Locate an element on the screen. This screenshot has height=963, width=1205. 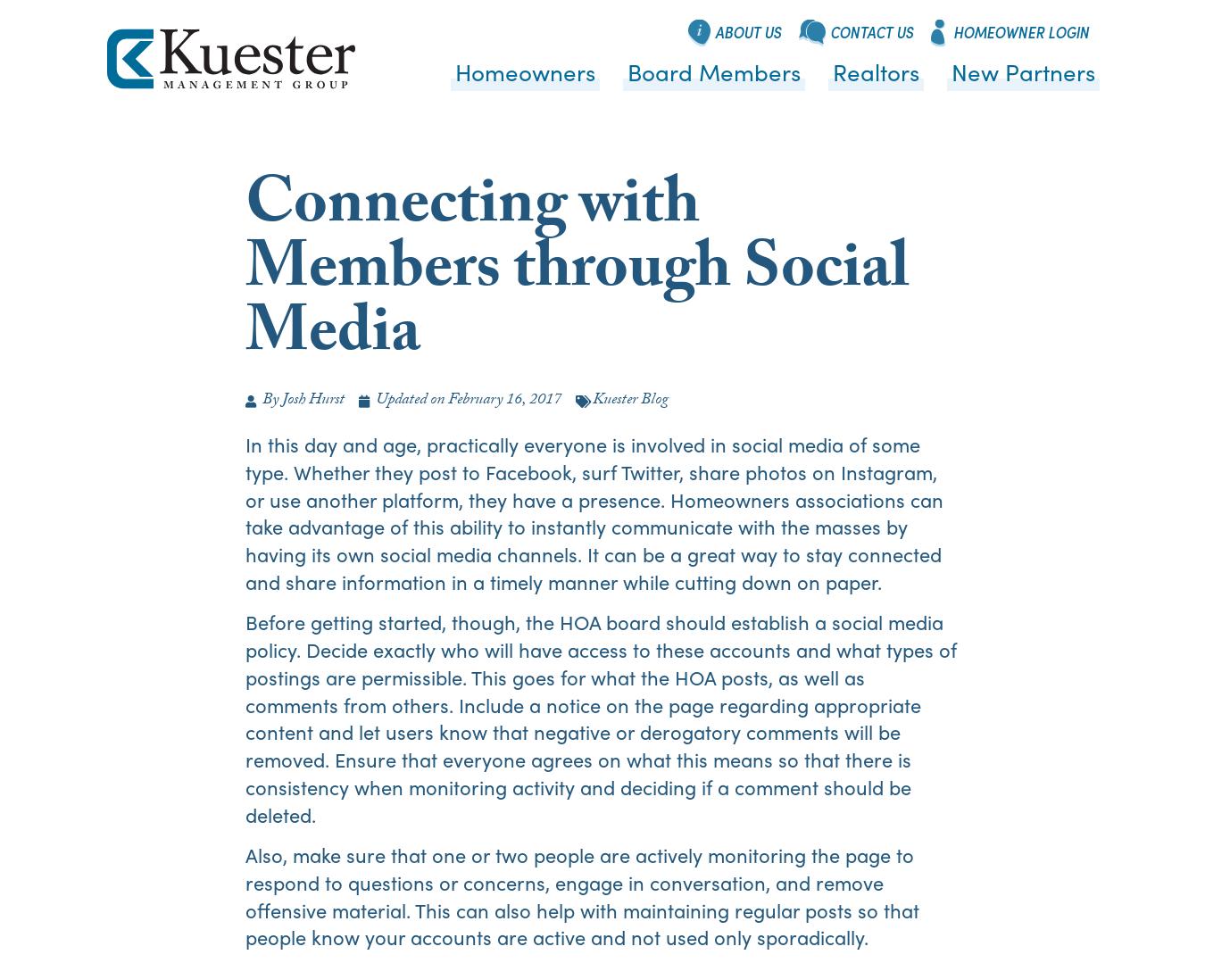
'Homeowners' is located at coordinates (525, 70).